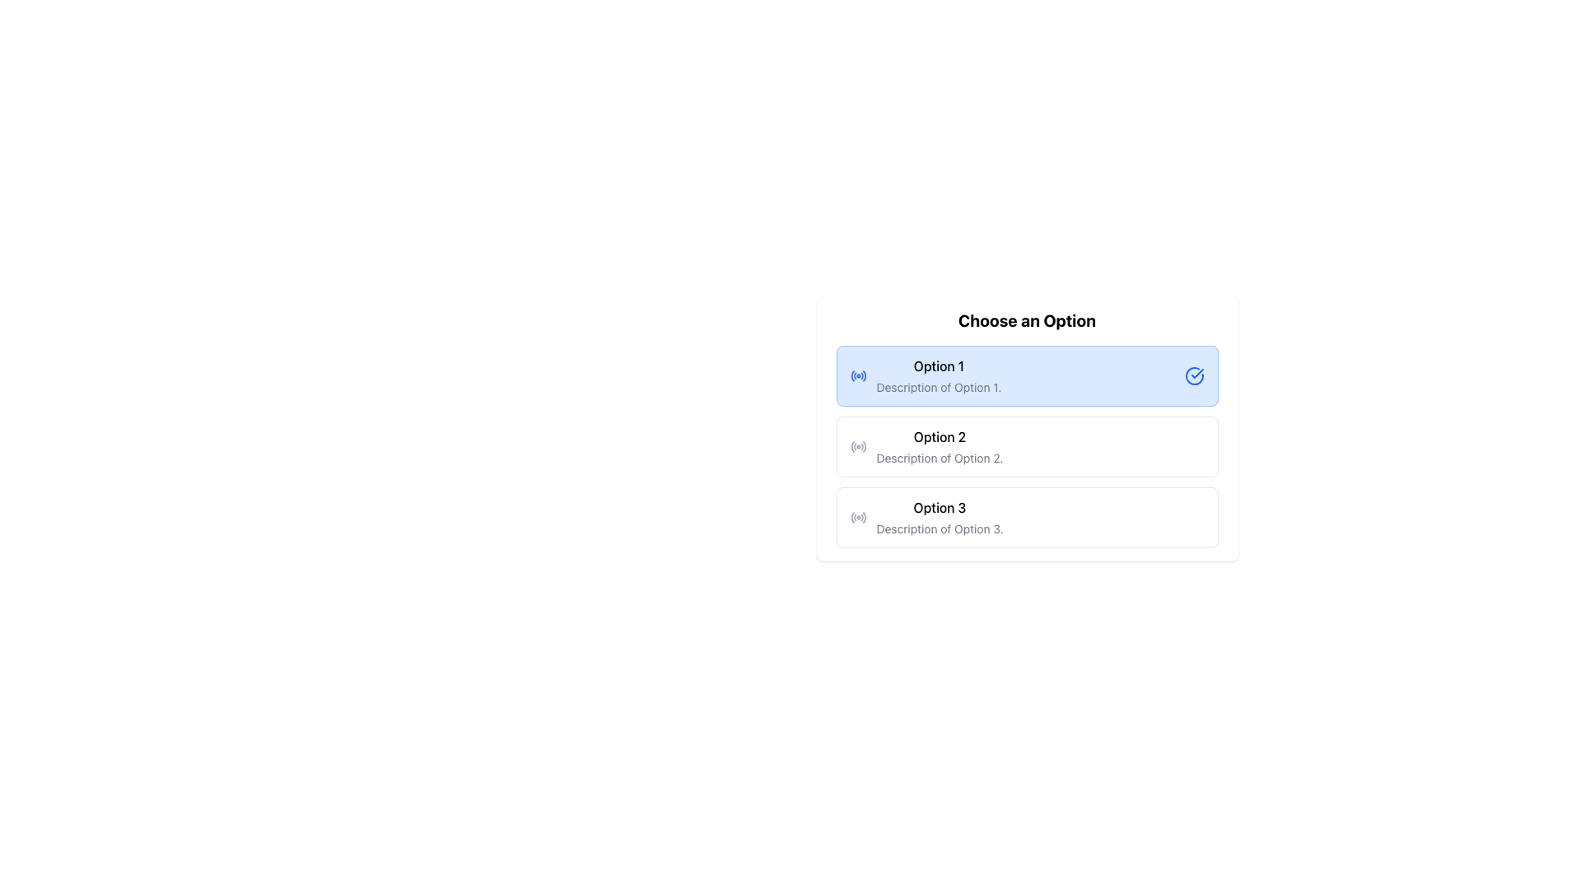  I want to click on the visual indicator icon representing the selected or verified state for 'Option 1 Description of Option 1' located at the rightmost side of the first option section under the 'Choose an Option' header, so click(1194, 375).